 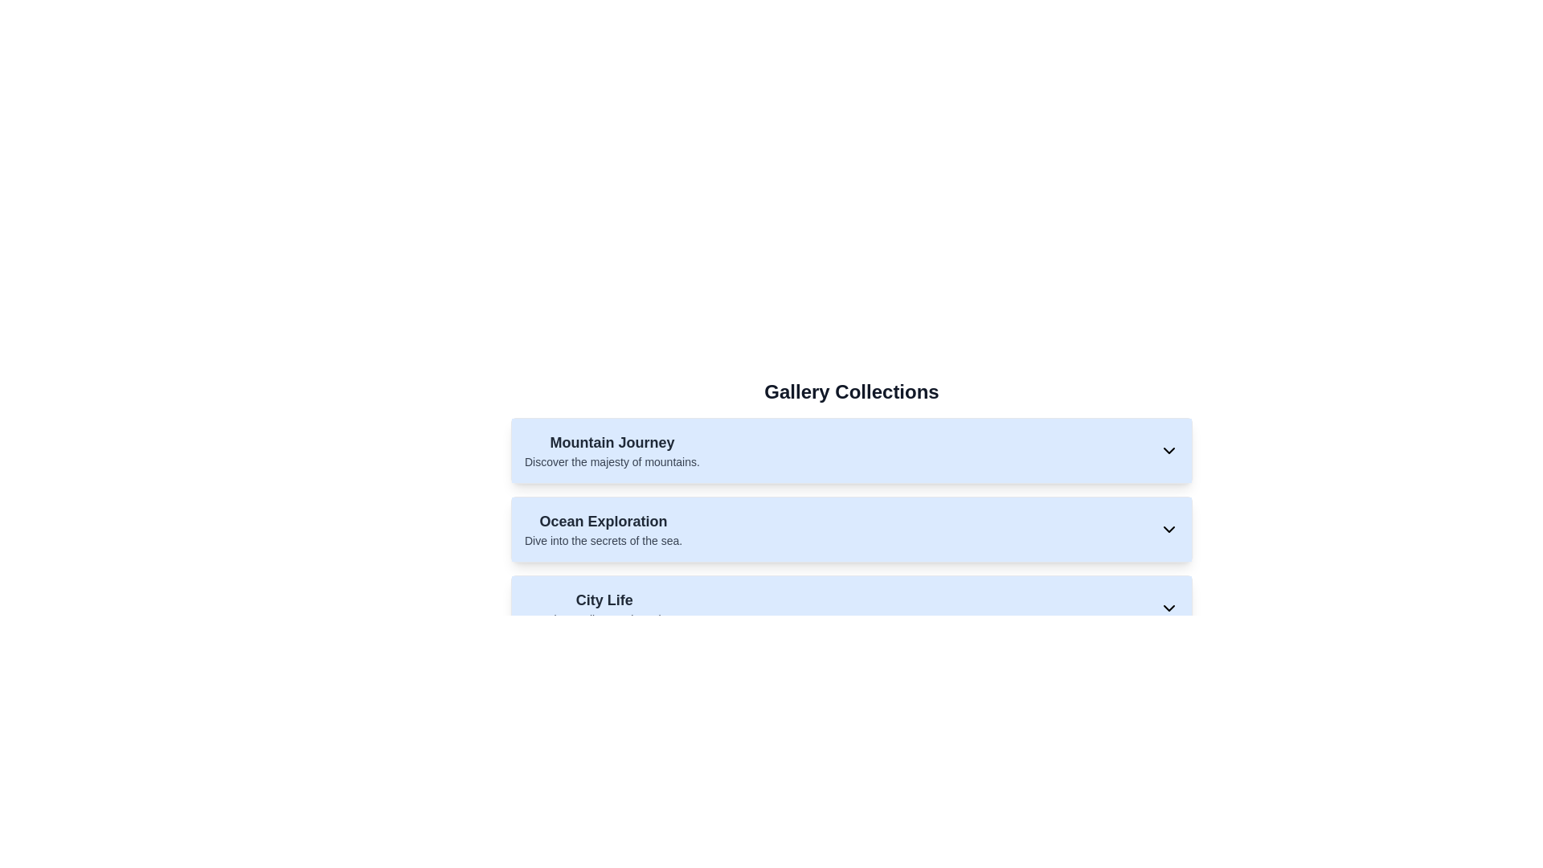 I want to click on the Text block titled 'Ocean Exploration', which features a bold title and a subtitle within a light blue background, positioned between 'Mountain Journey' and 'City Life', so click(x=603, y=530).